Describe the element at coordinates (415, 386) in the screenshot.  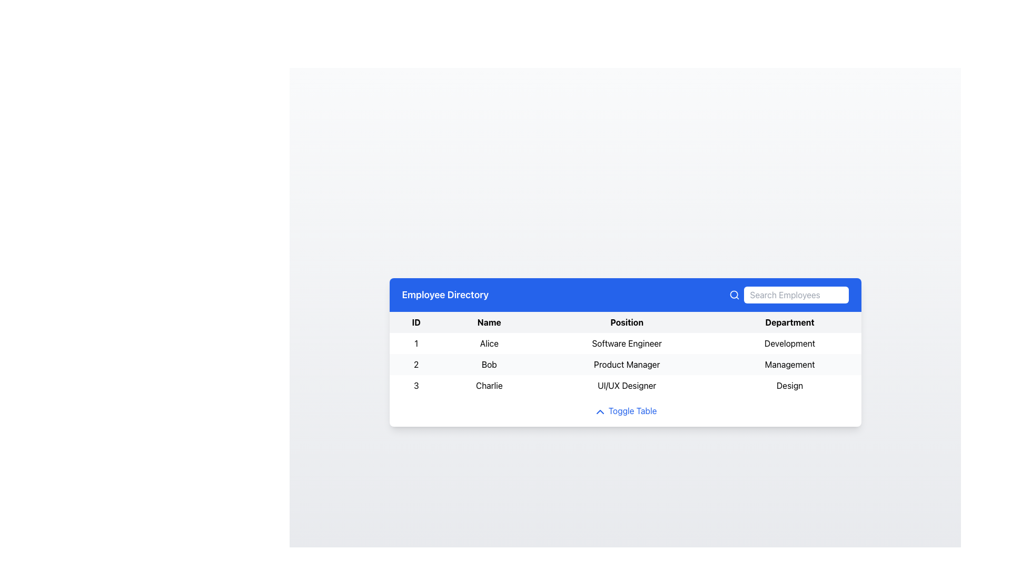
I see `the Text Label displaying the unique identifier (ID) of employee 'Charlie' in the Employee Directory table` at that location.